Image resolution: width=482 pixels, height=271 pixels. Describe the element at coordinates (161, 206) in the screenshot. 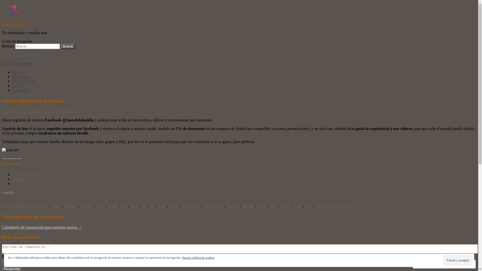

I see `'gosset'` at that location.